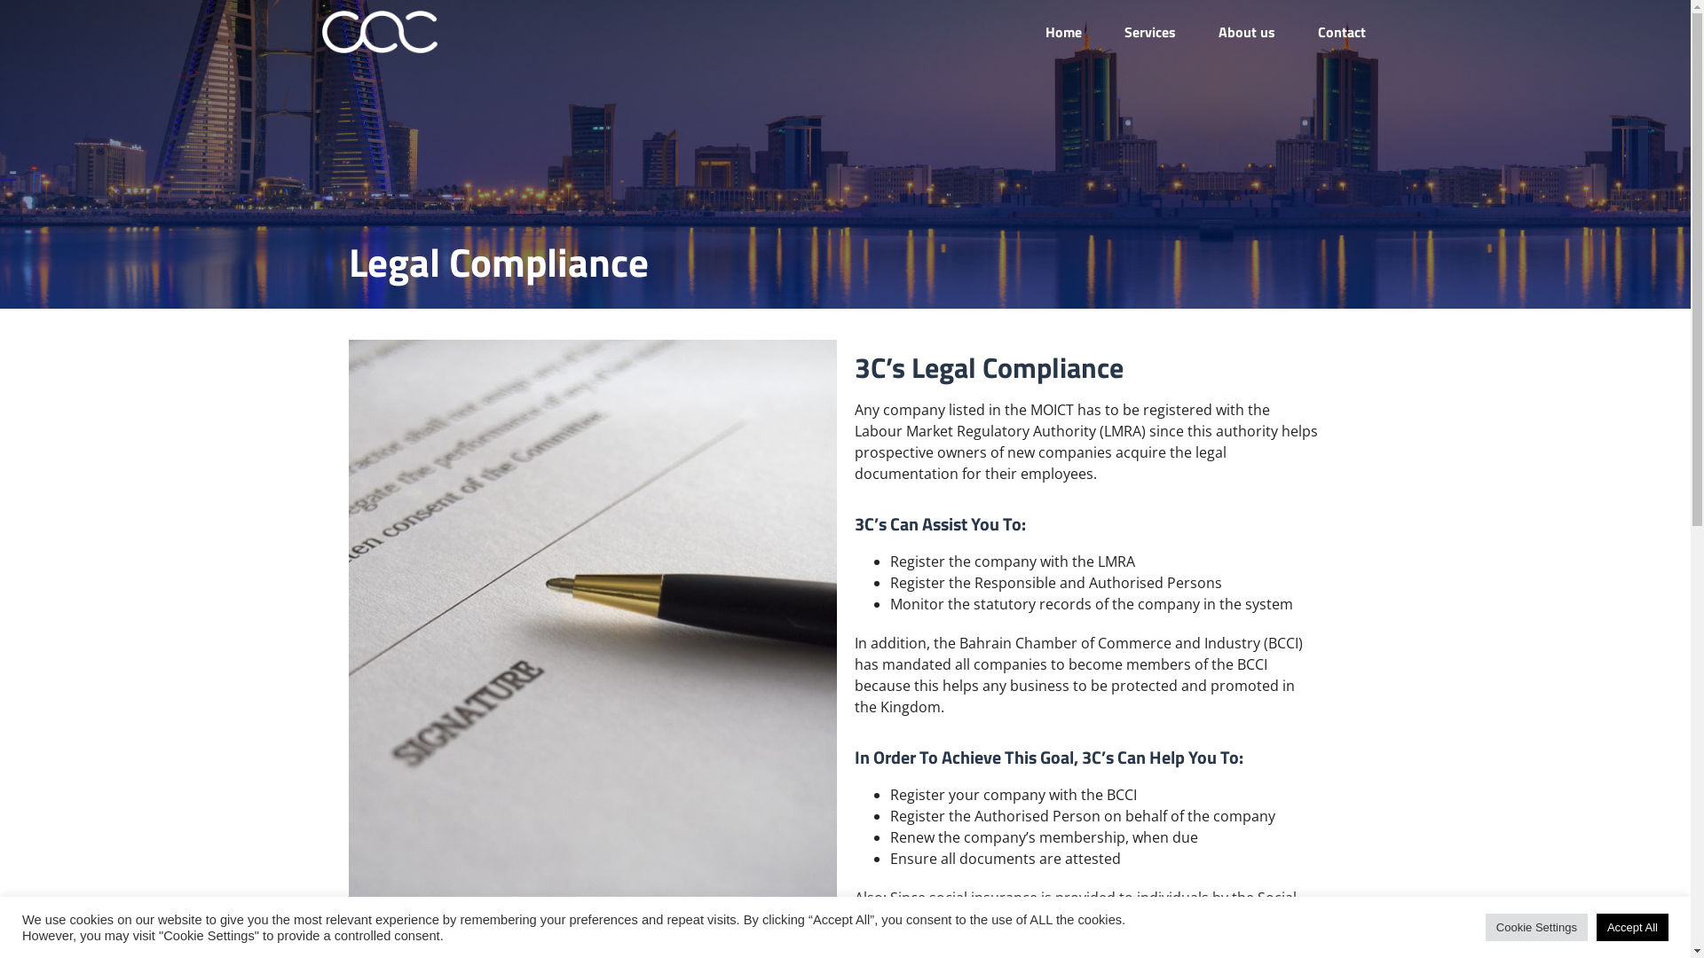  What do you see at coordinates (1042, 31) in the screenshot?
I see `'Home'` at bounding box center [1042, 31].